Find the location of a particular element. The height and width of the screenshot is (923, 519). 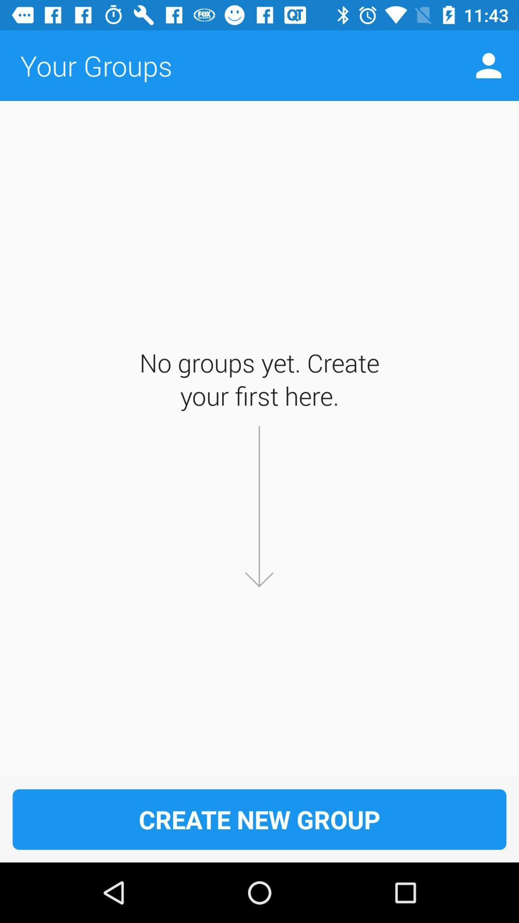

create new group is located at coordinates (259, 819).